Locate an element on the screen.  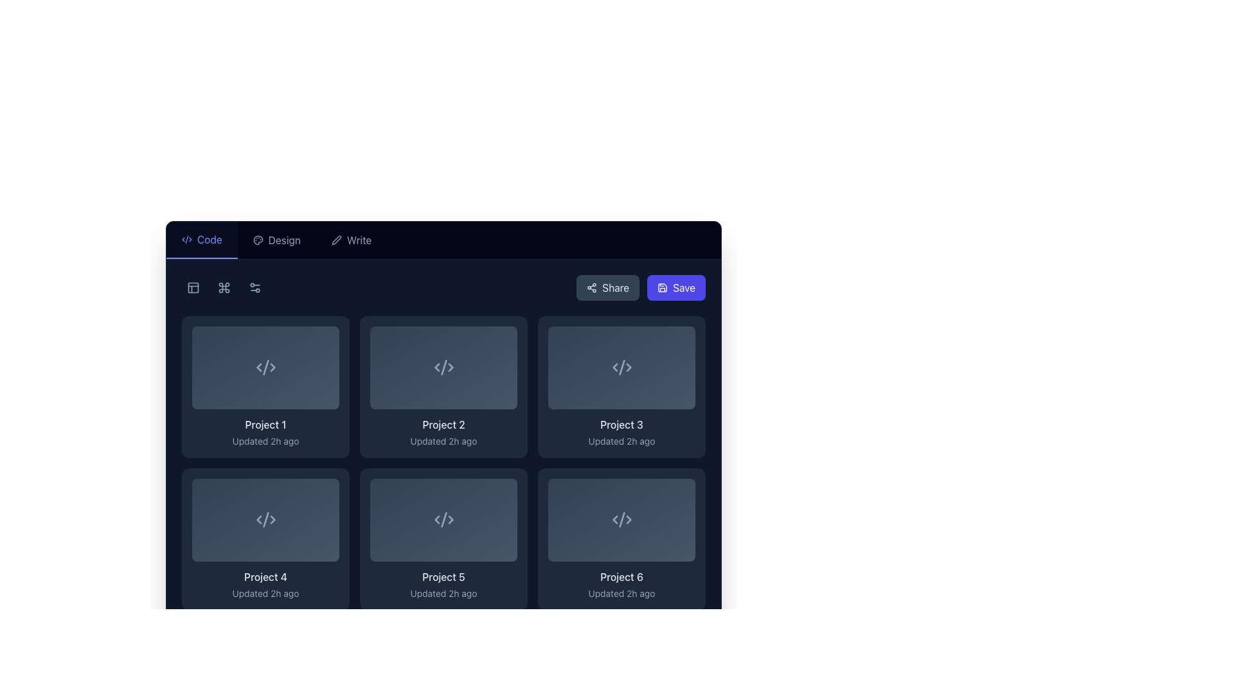
the emblematic visual representation for the 'Code' or 'Project 6' module located in the bottom row, third column of the grid in the 'Code' section of the interface is located at coordinates (621, 519).